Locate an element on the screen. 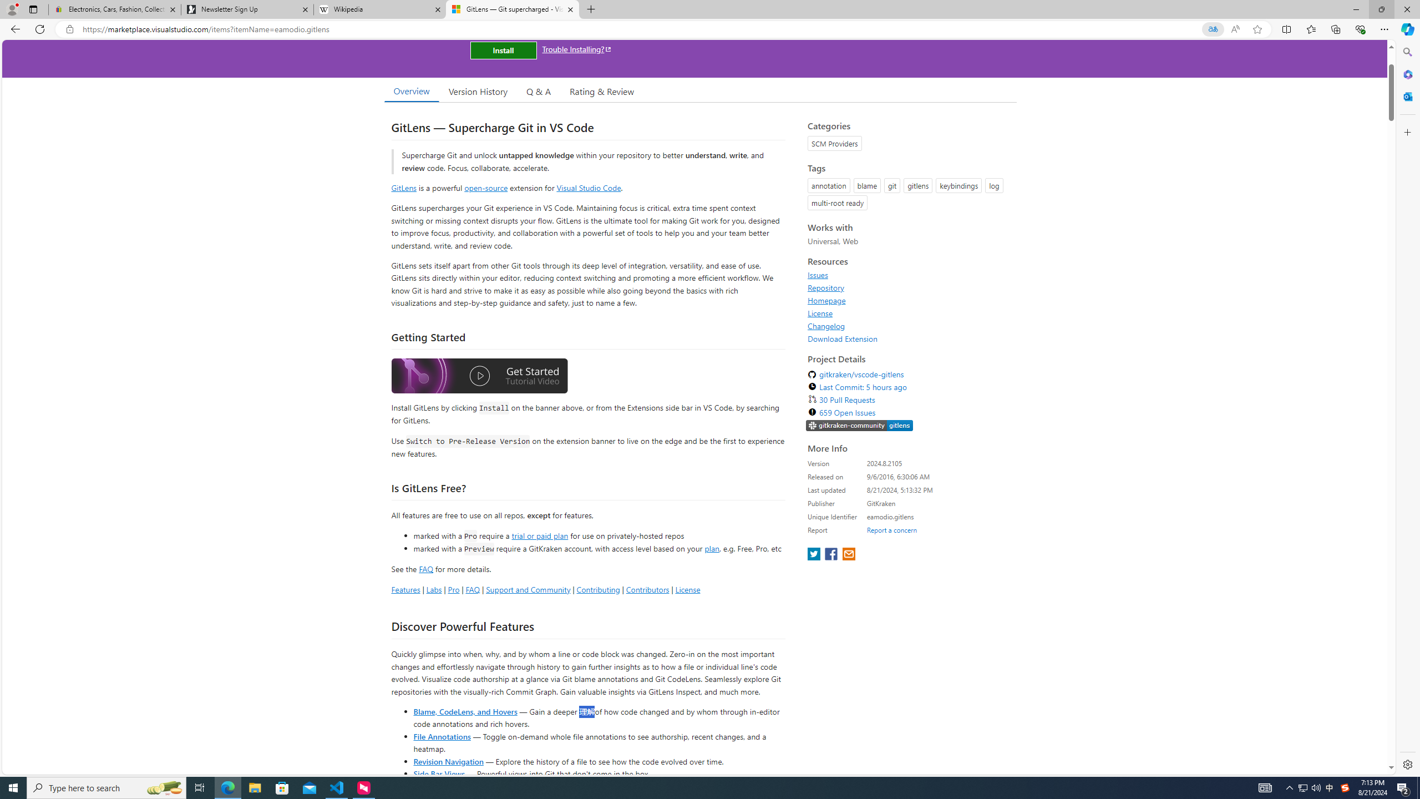  'Changelog' is located at coordinates (825, 325).